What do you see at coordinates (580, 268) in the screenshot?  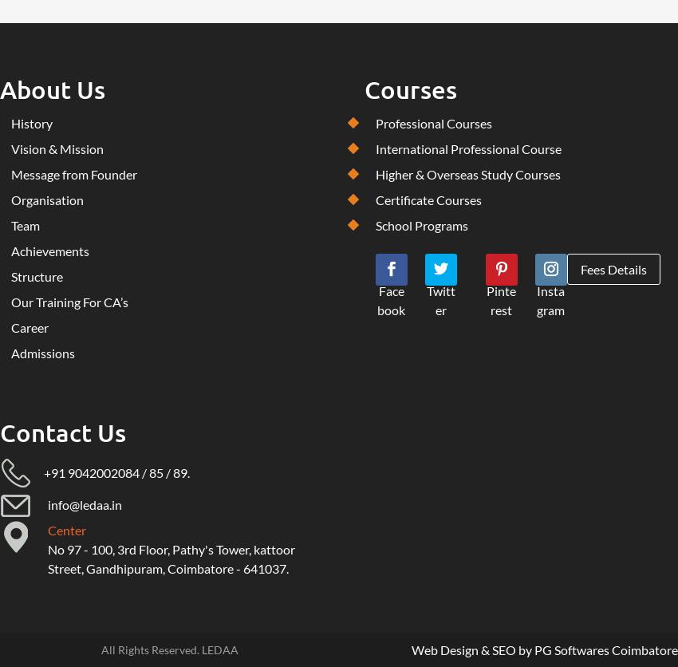 I see `'Fees Details'` at bounding box center [580, 268].